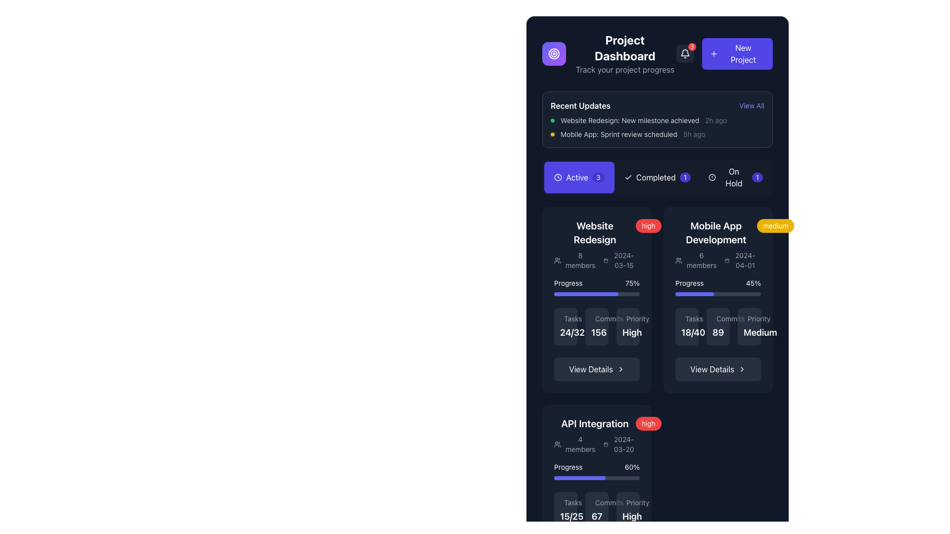 This screenshot has width=950, height=534. Describe the element at coordinates (631, 332) in the screenshot. I see `the Text label displaying the word 'High', which is styled in bold and larger font, positioned beneath the 'Priority' label within a project details card` at that location.